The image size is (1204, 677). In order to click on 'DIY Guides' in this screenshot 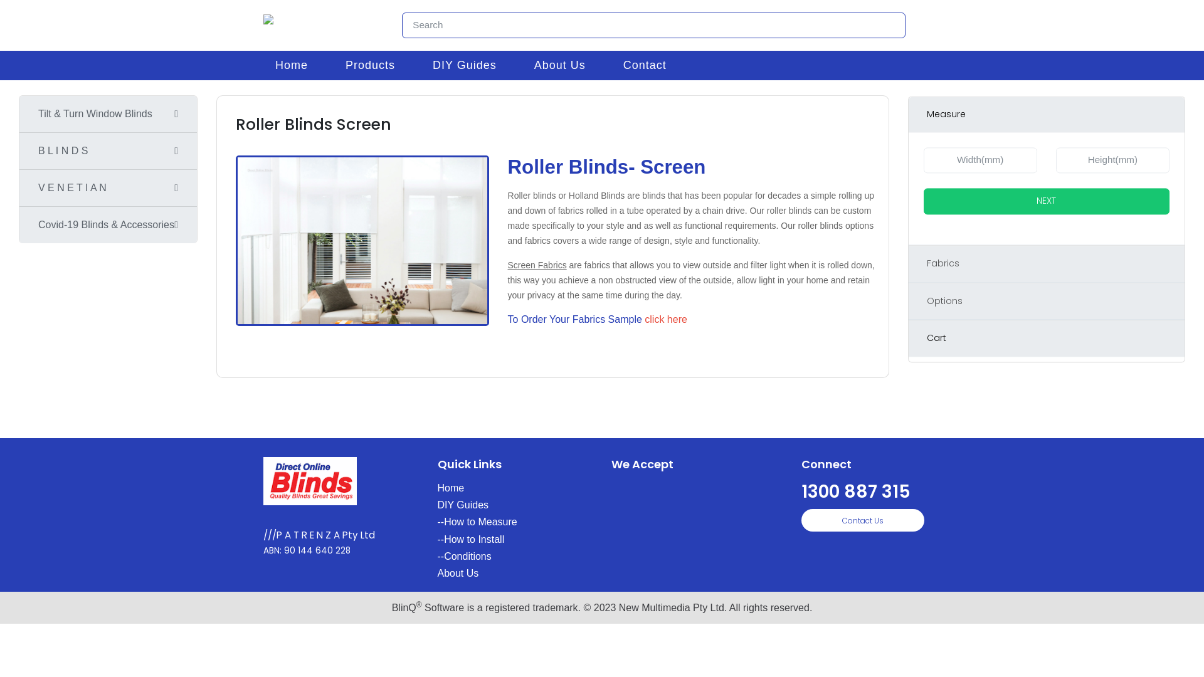, I will do `click(463, 65)`.